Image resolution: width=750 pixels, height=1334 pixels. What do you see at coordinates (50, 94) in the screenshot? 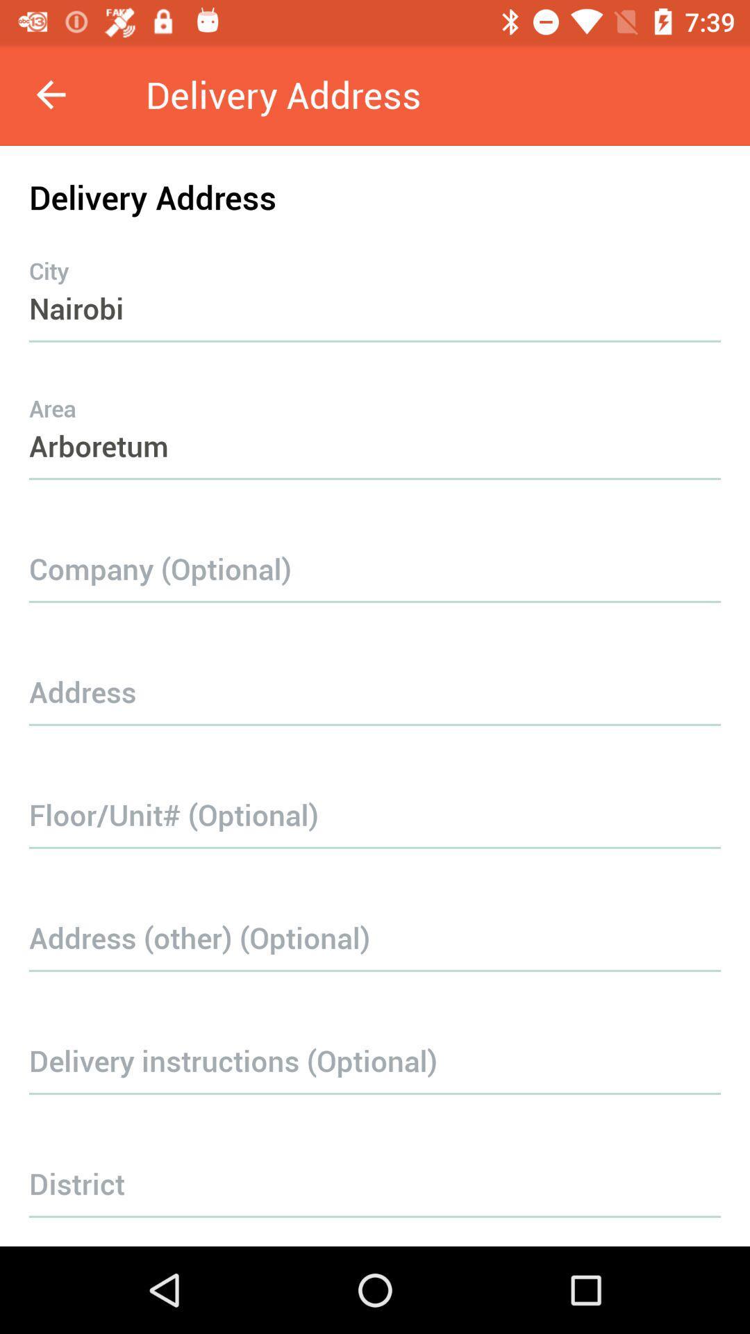
I see `the item above delivery address` at bounding box center [50, 94].